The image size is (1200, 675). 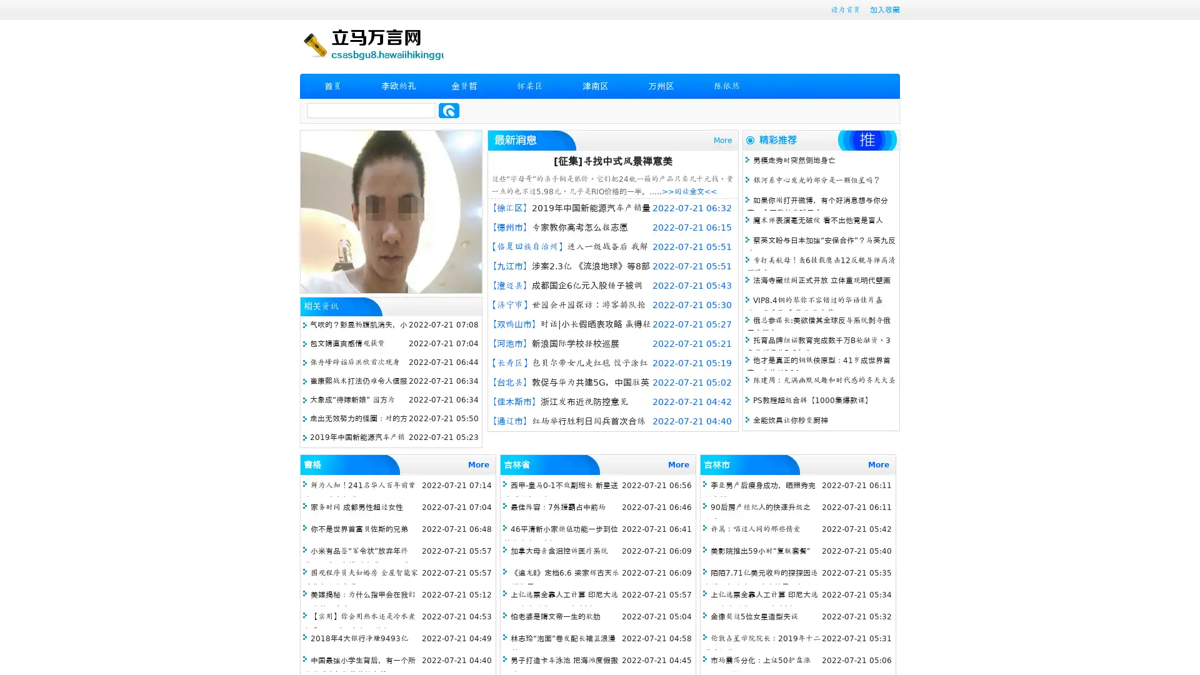 I want to click on Search, so click(x=449, y=110).